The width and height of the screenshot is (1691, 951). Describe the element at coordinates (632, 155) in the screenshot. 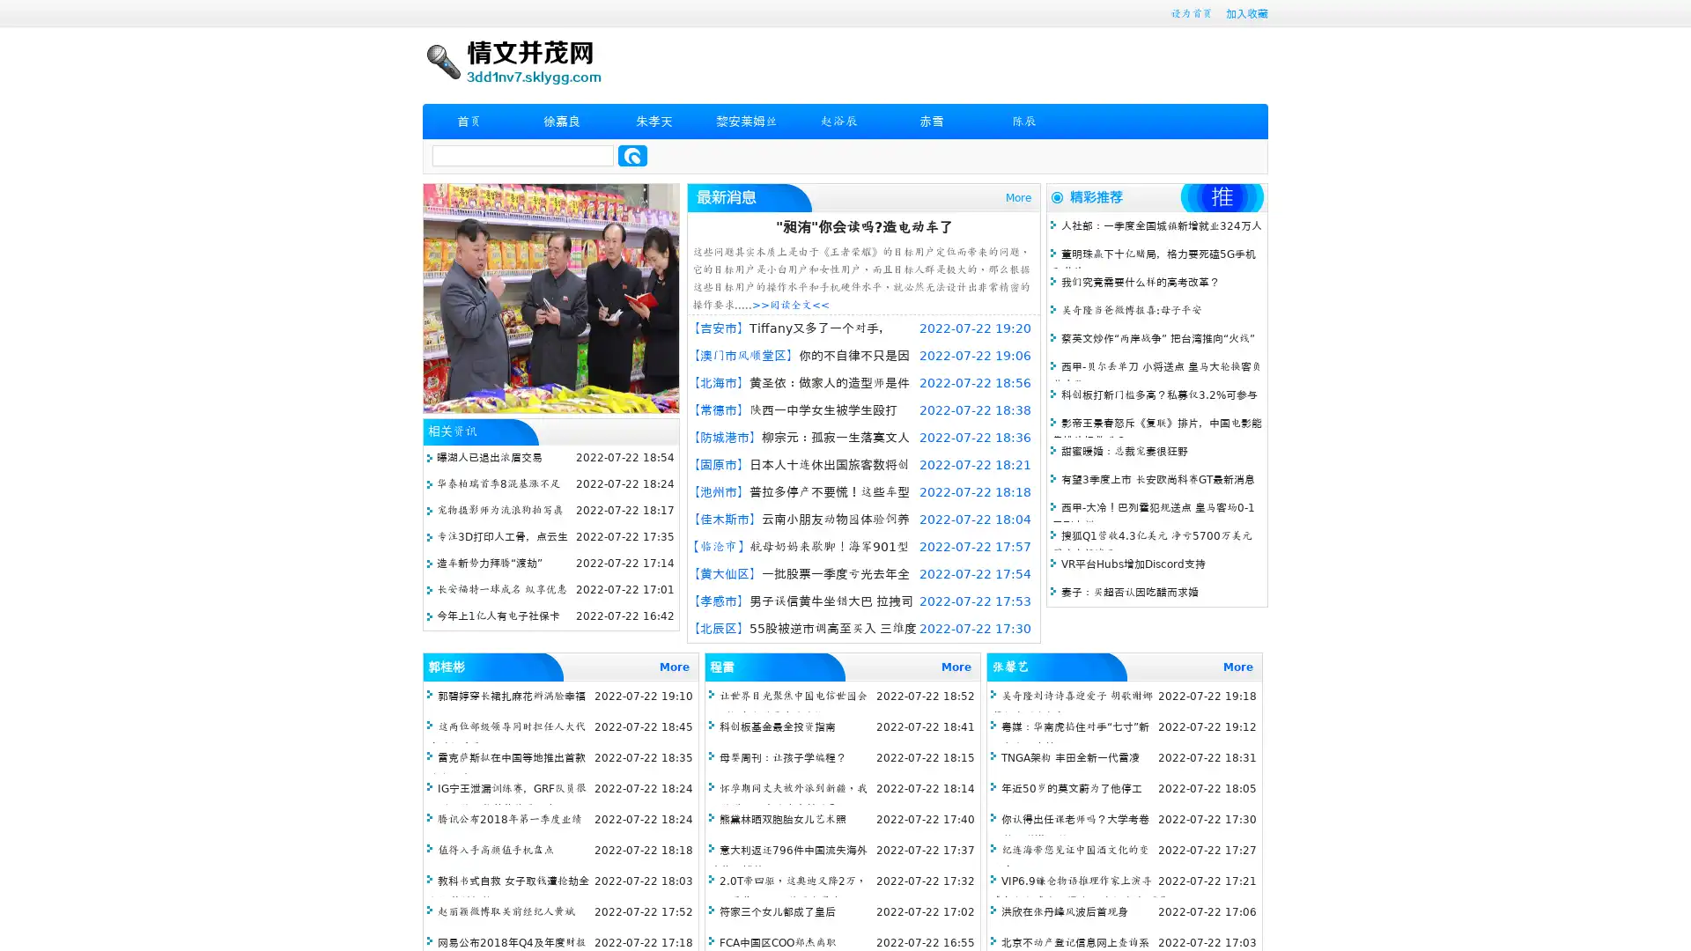

I see `Search` at that location.